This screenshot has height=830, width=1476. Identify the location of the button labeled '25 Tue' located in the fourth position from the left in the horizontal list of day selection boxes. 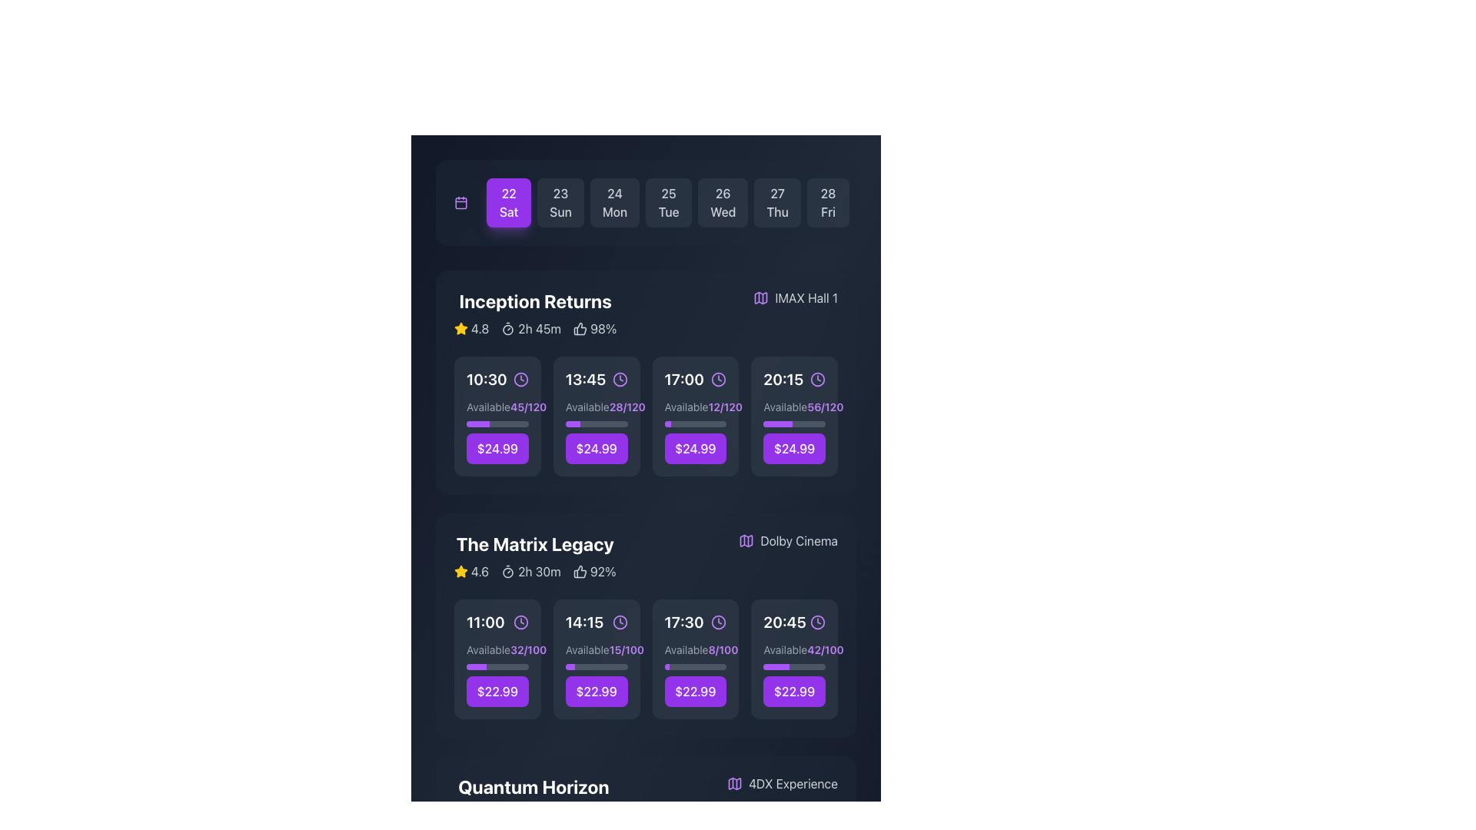
(668, 201).